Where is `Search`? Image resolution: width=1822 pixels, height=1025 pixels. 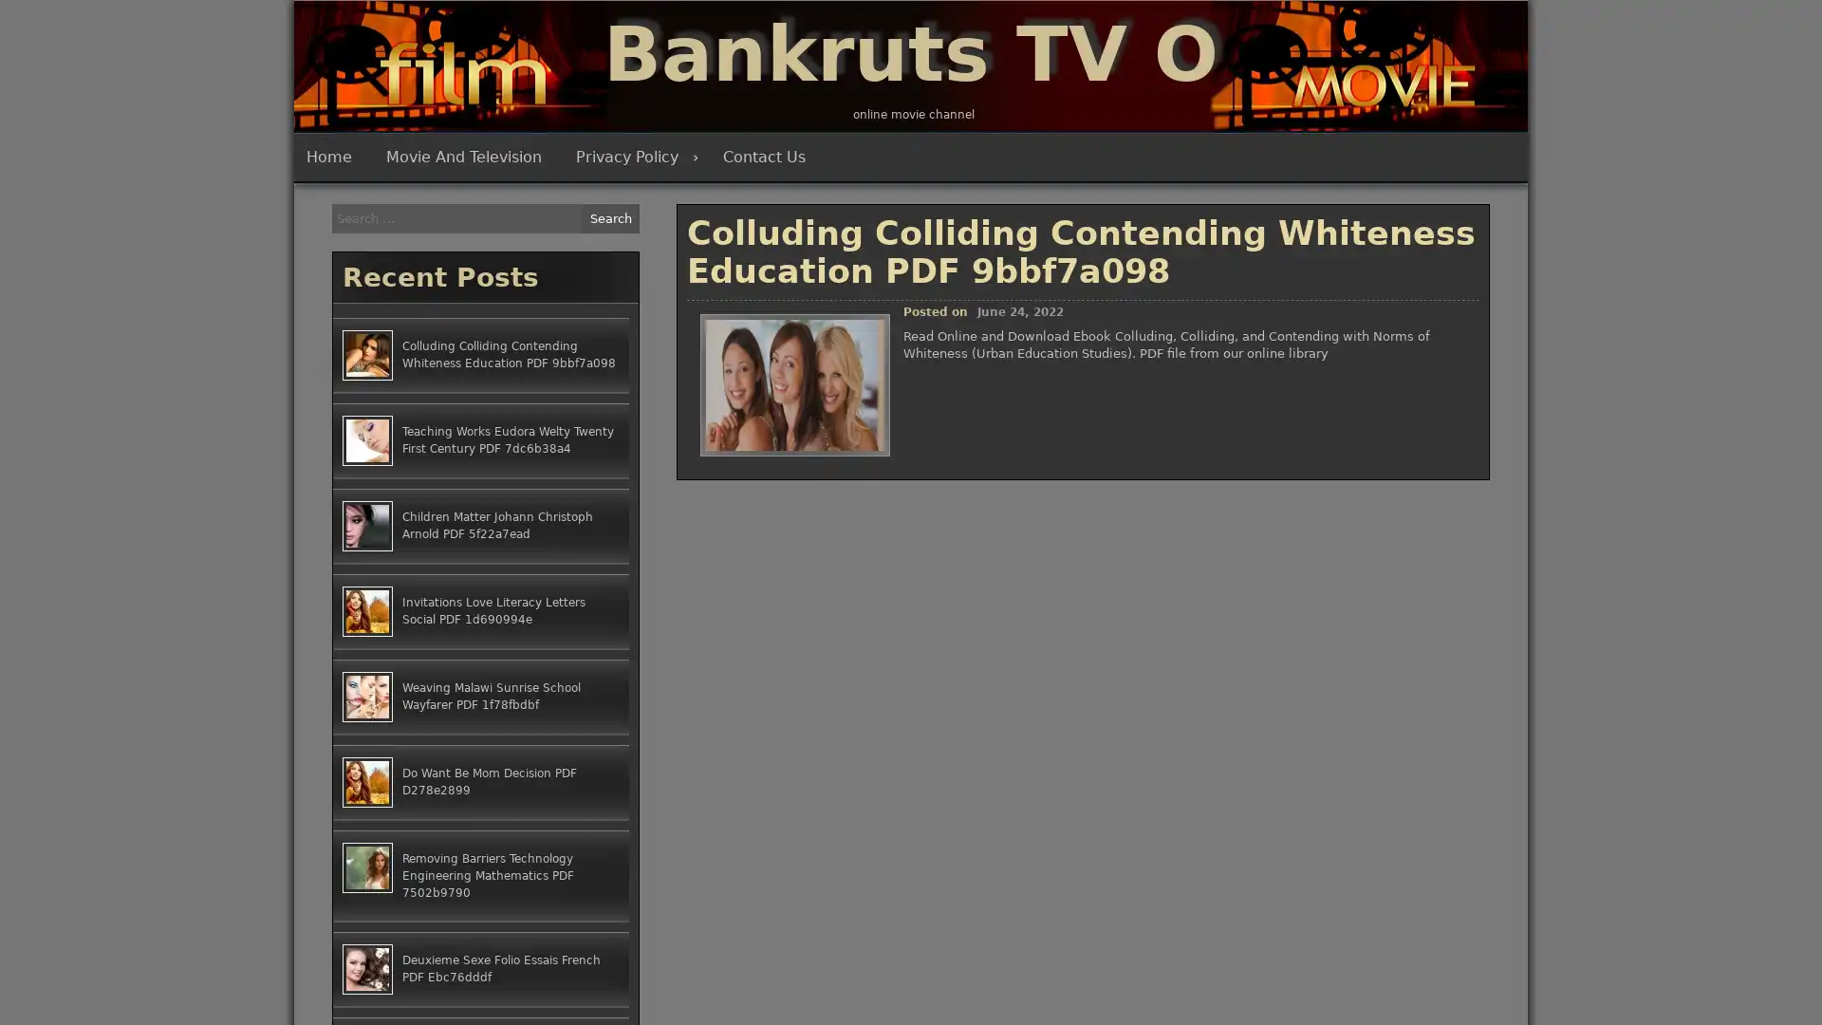 Search is located at coordinates (610, 217).